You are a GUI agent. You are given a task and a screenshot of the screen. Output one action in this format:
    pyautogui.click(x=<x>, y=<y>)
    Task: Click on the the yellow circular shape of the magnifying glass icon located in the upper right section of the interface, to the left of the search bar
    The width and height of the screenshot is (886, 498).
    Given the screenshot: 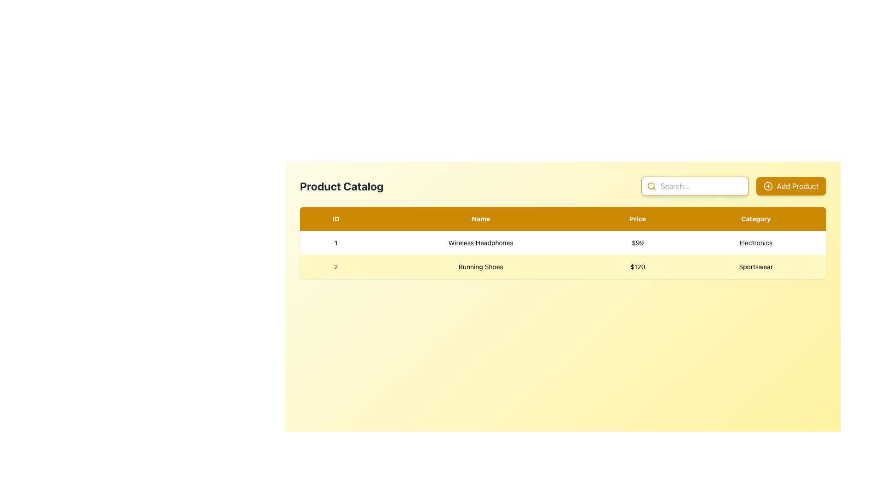 What is the action you would take?
    pyautogui.click(x=651, y=186)
    